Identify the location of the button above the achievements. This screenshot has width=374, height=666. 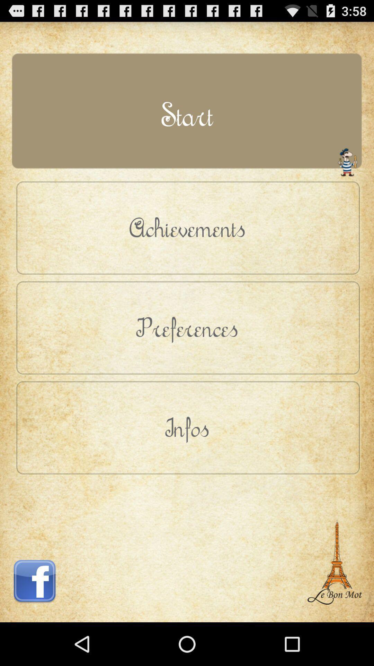
(187, 114).